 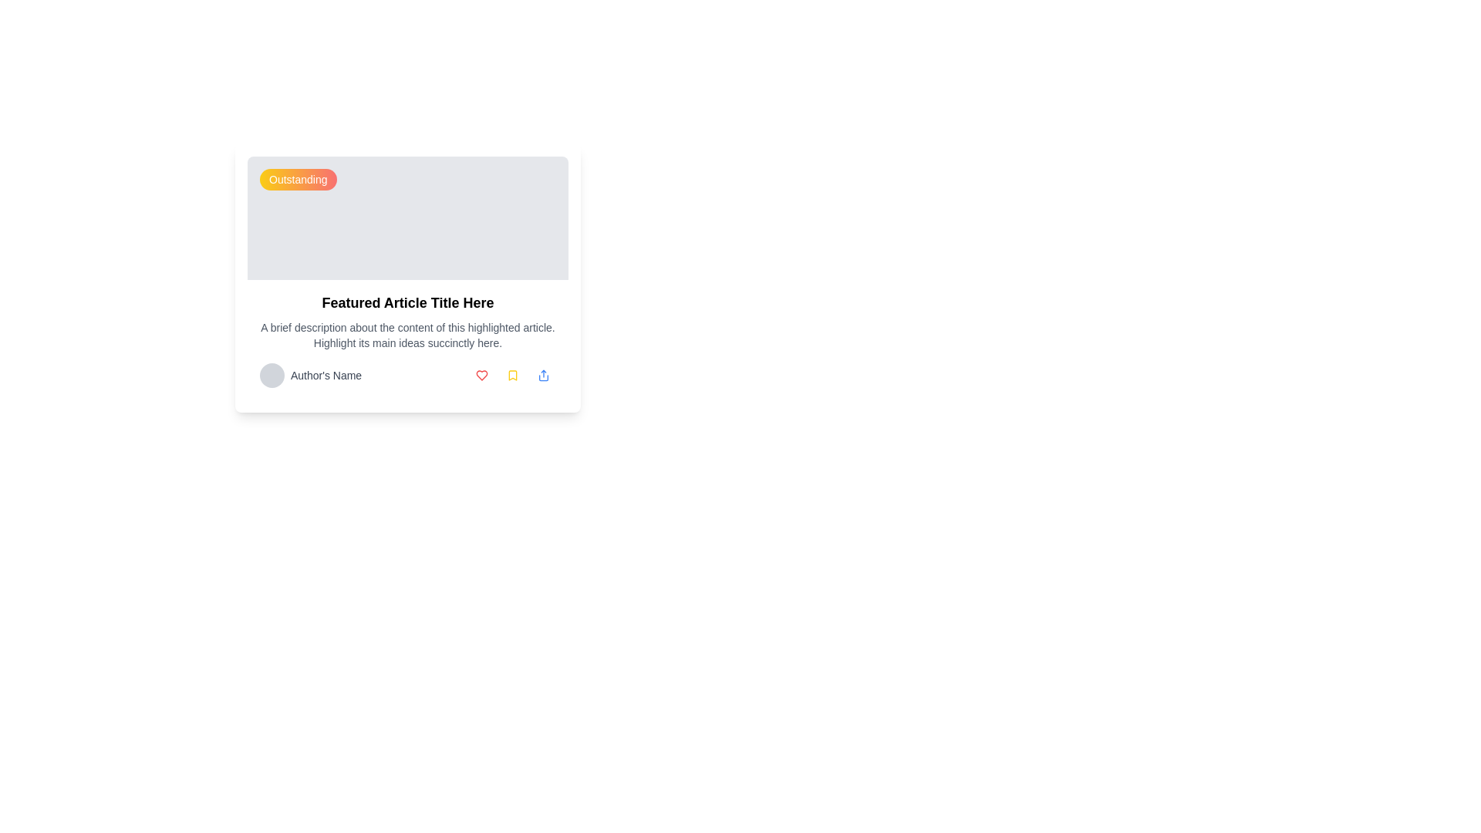 I want to click on the bookmarking button located between the red heart icon and the blue share icon in the card layout, so click(x=513, y=375).